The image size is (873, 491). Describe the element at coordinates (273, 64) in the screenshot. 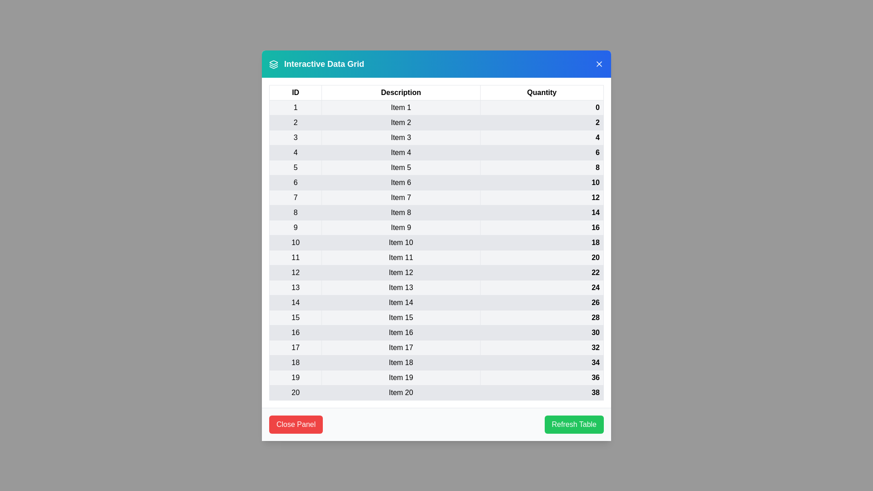

I see `the header icon to display information about the grid's purpose` at that location.